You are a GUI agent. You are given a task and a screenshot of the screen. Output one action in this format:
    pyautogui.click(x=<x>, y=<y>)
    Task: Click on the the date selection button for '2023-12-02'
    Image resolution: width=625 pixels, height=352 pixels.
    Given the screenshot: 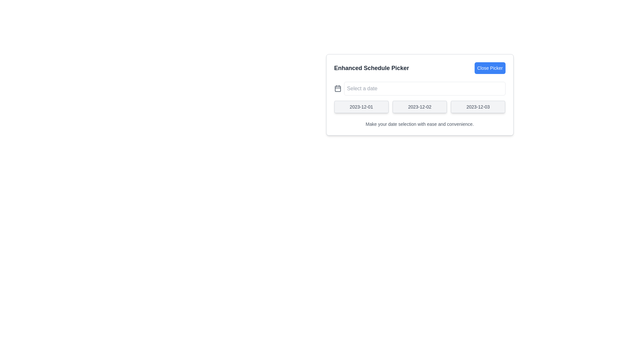 What is the action you would take?
    pyautogui.click(x=420, y=106)
    